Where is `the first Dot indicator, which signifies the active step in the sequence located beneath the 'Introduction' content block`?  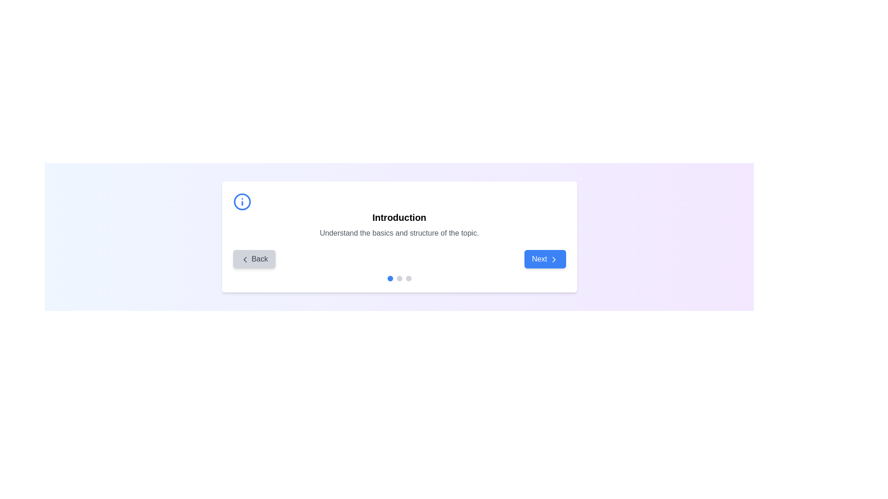
the first Dot indicator, which signifies the active step in the sequence located beneath the 'Introduction' content block is located at coordinates (390, 278).